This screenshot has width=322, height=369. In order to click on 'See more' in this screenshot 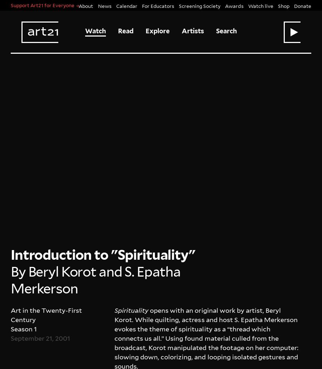, I will do `click(161, 214)`.